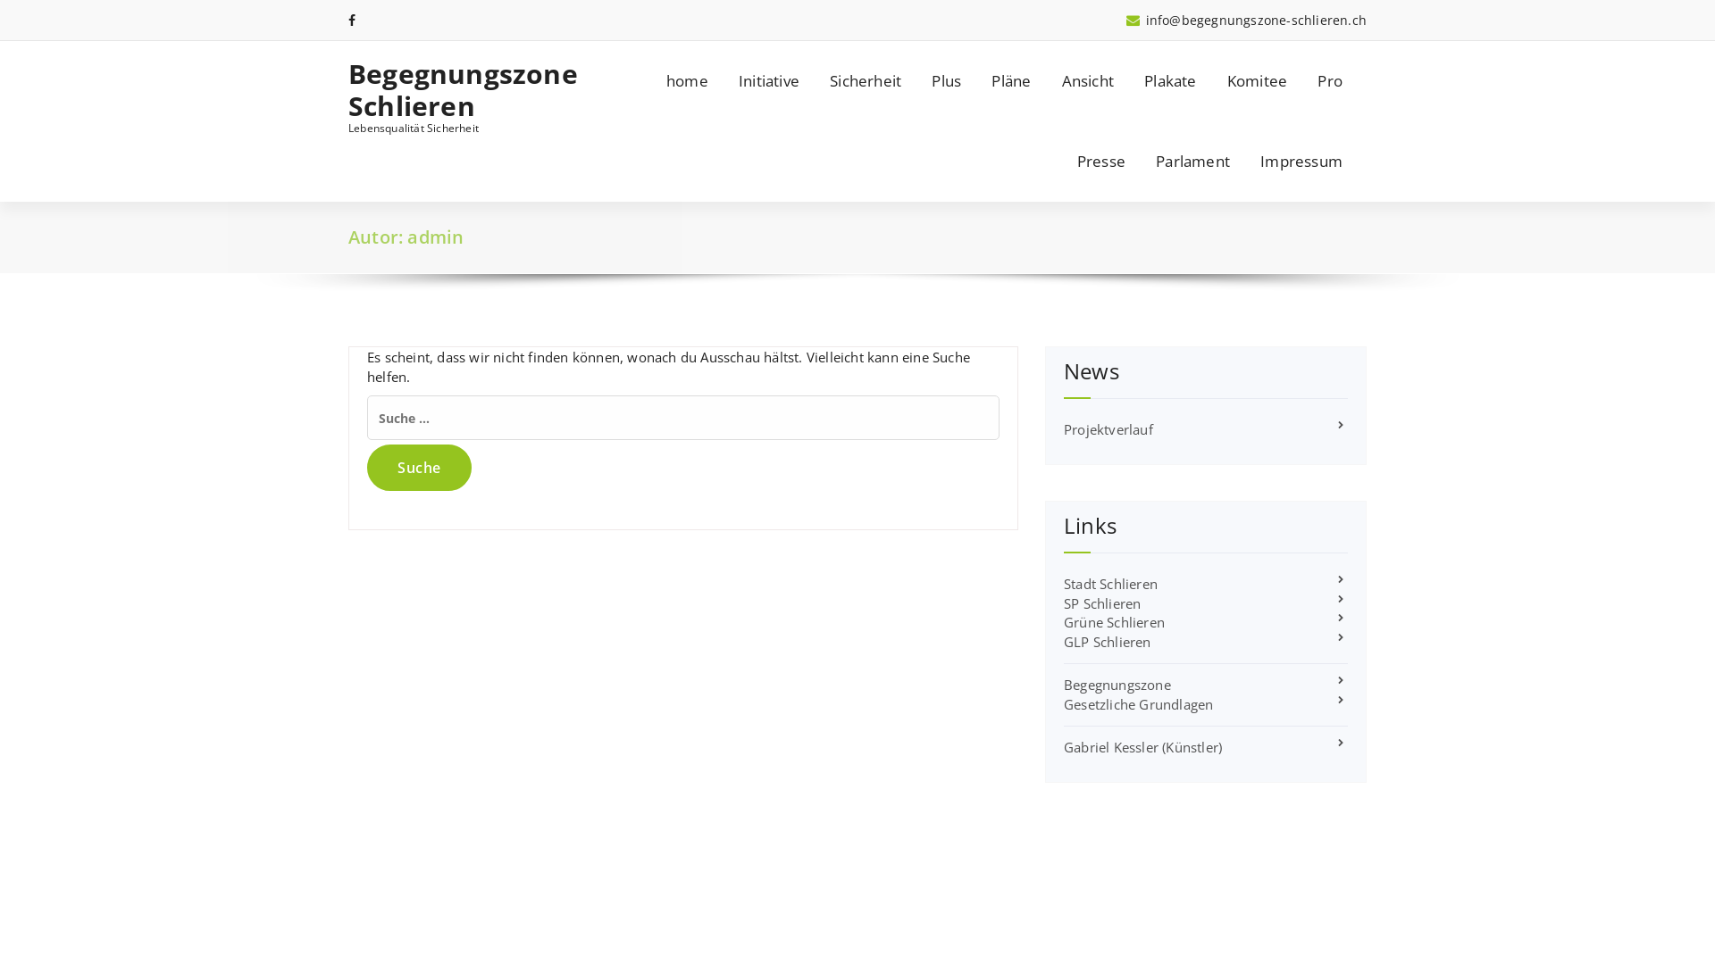 This screenshot has height=964, width=1715. Describe the element at coordinates (1109, 584) in the screenshot. I see `'Stadt Schlieren'` at that location.